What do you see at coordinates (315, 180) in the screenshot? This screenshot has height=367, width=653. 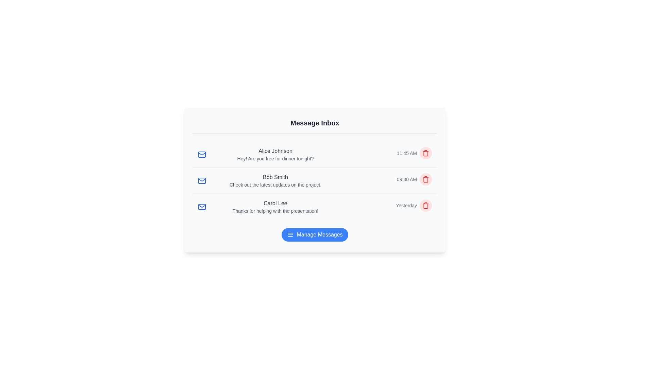 I see `the message row corresponding to Bob Smith` at bounding box center [315, 180].